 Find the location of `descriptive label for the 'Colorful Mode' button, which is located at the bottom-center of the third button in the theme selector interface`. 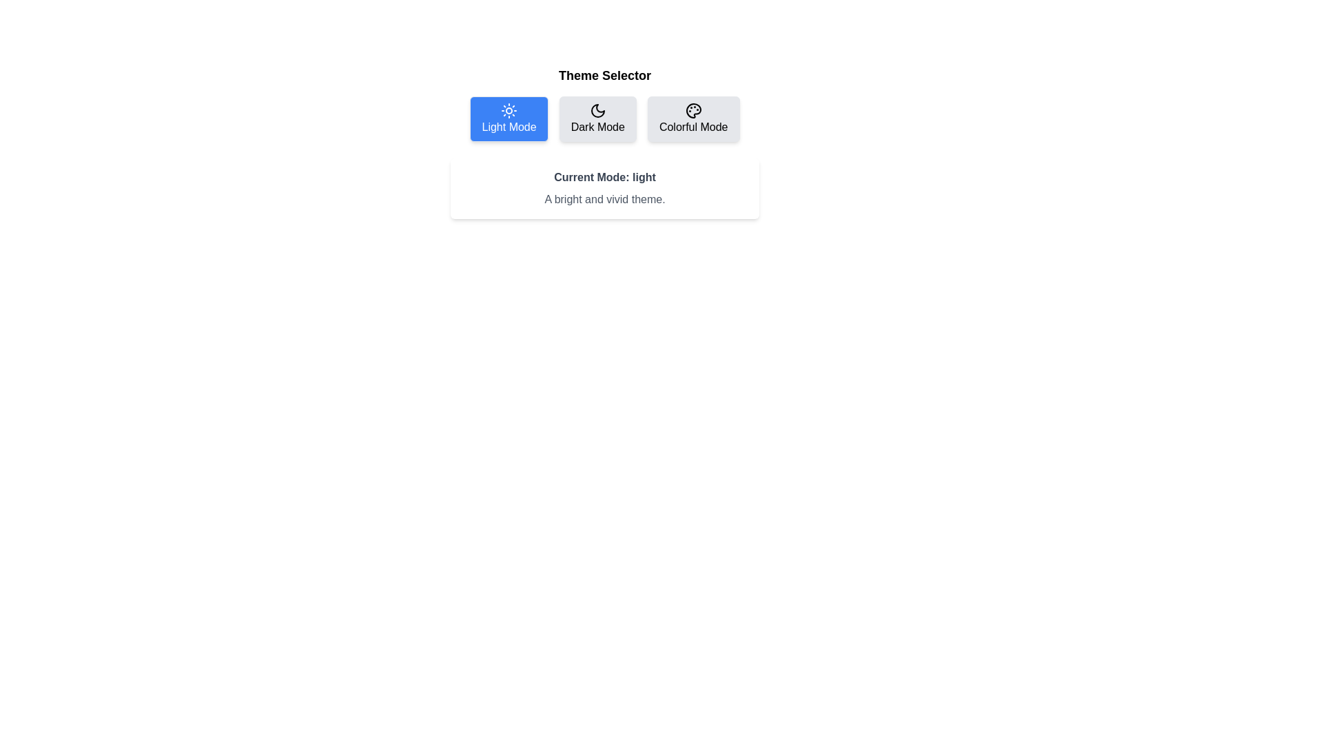

descriptive label for the 'Colorful Mode' button, which is located at the bottom-center of the third button in the theme selector interface is located at coordinates (693, 127).